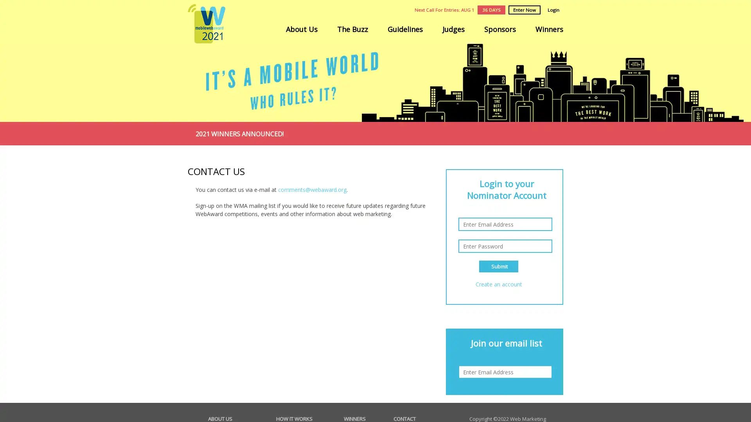 This screenshot has width=751, height=422. Describe the element at coordinates (498, 266) in the screenshot. I see `Submit` at that location.